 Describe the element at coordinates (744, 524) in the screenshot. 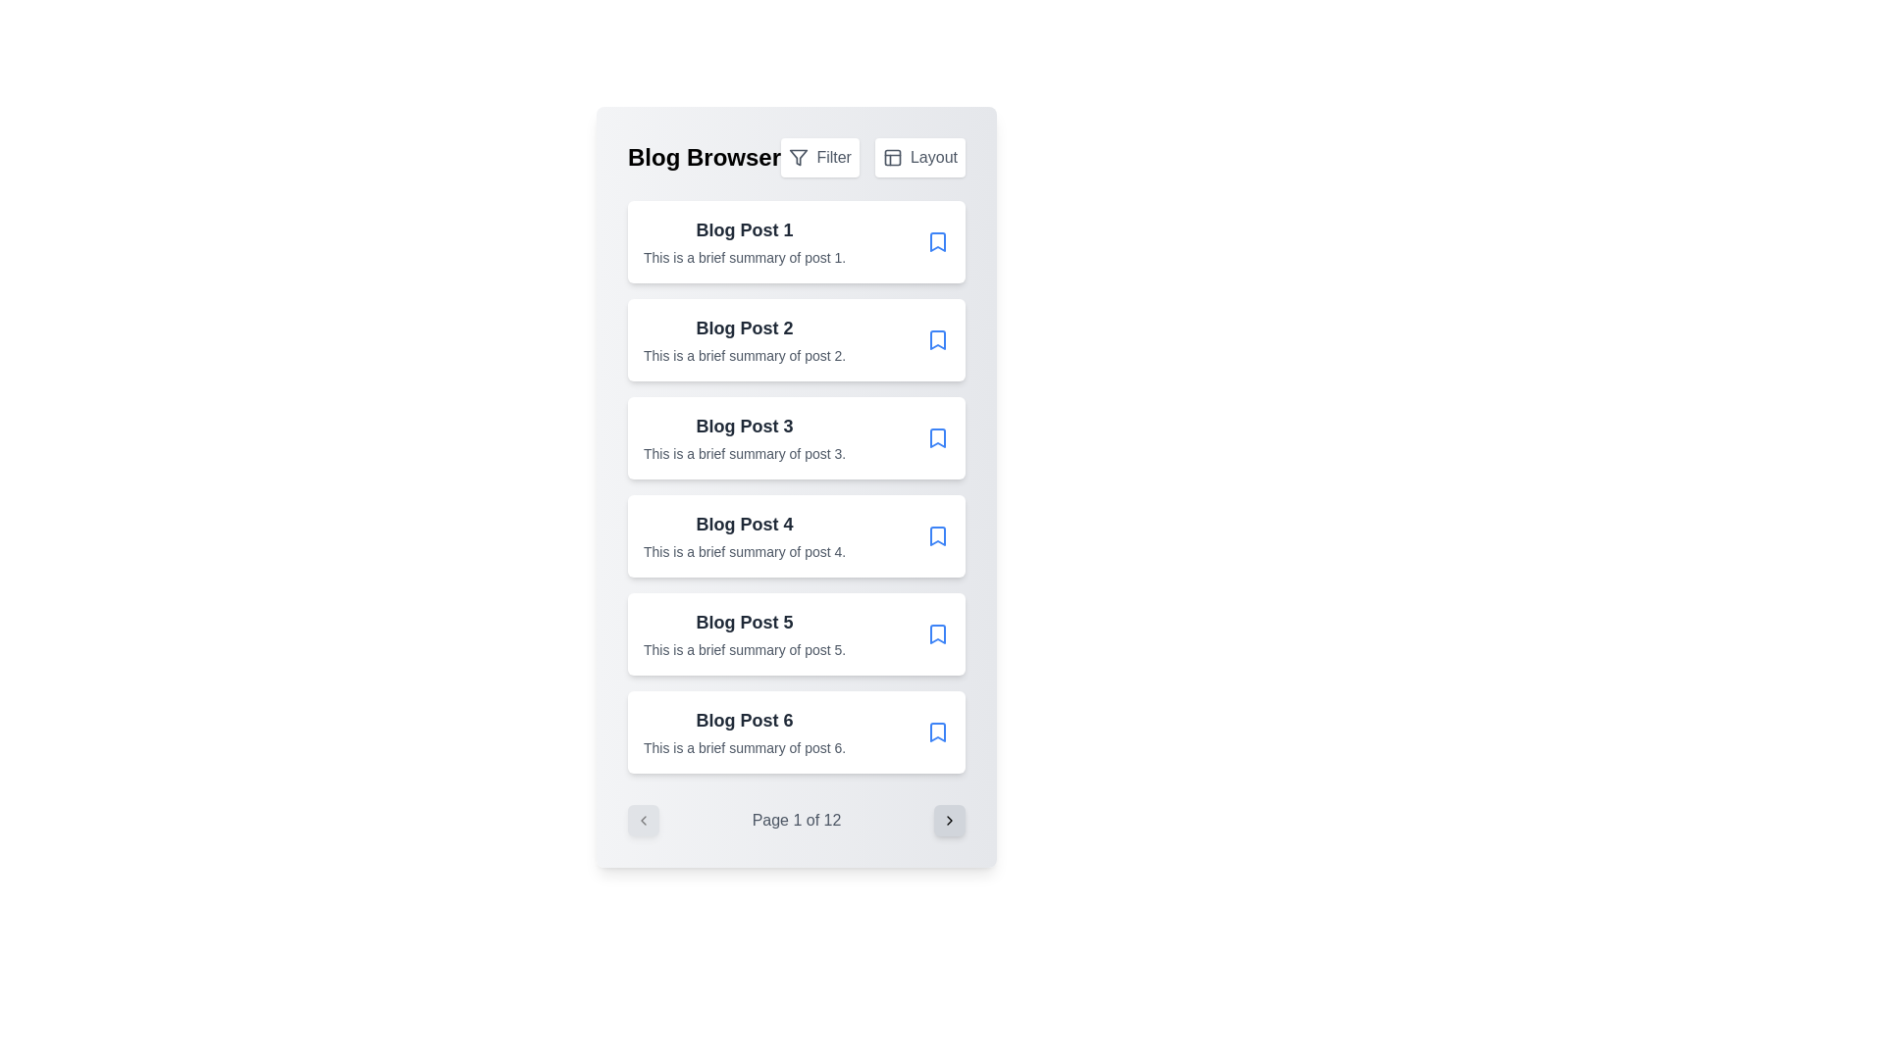

I see `the title text of the blog post` at that location.